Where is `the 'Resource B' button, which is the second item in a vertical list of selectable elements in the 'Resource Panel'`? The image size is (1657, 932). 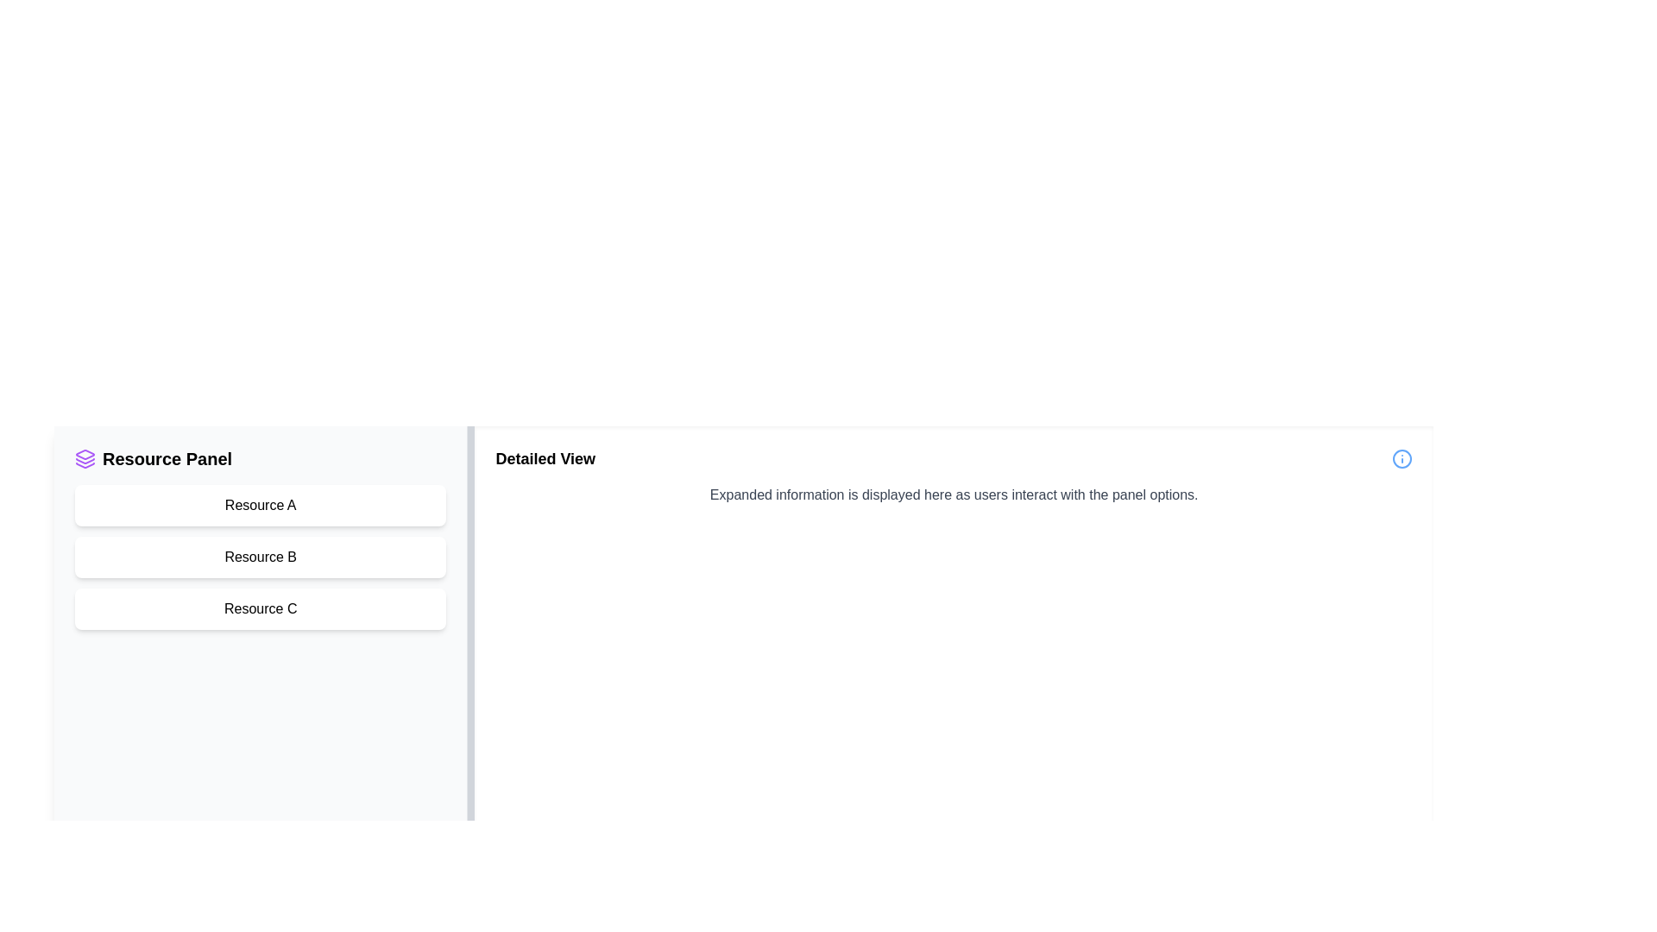 the 'Resource B' button, which is the second item in a vertical list of selectable elements in the 'Resource Panel' is located at coordinates (260, 557).